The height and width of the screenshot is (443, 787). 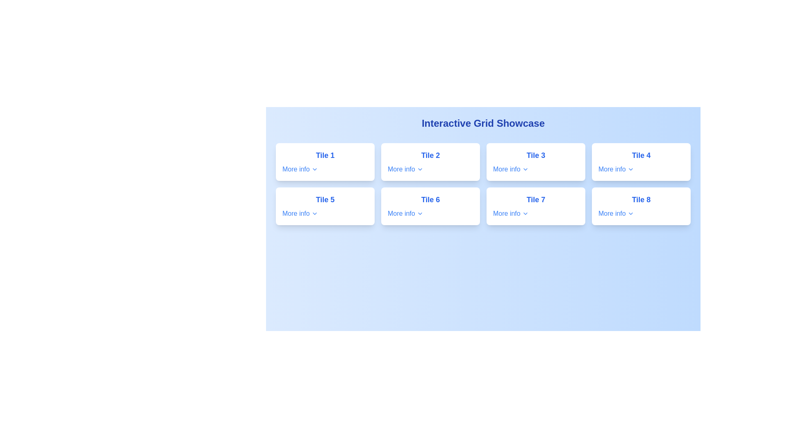 I want to click on the 'More info' interactive text within 'Tile 2' to potentially trigger a tooltip or effect, so click(x=405, y=169).